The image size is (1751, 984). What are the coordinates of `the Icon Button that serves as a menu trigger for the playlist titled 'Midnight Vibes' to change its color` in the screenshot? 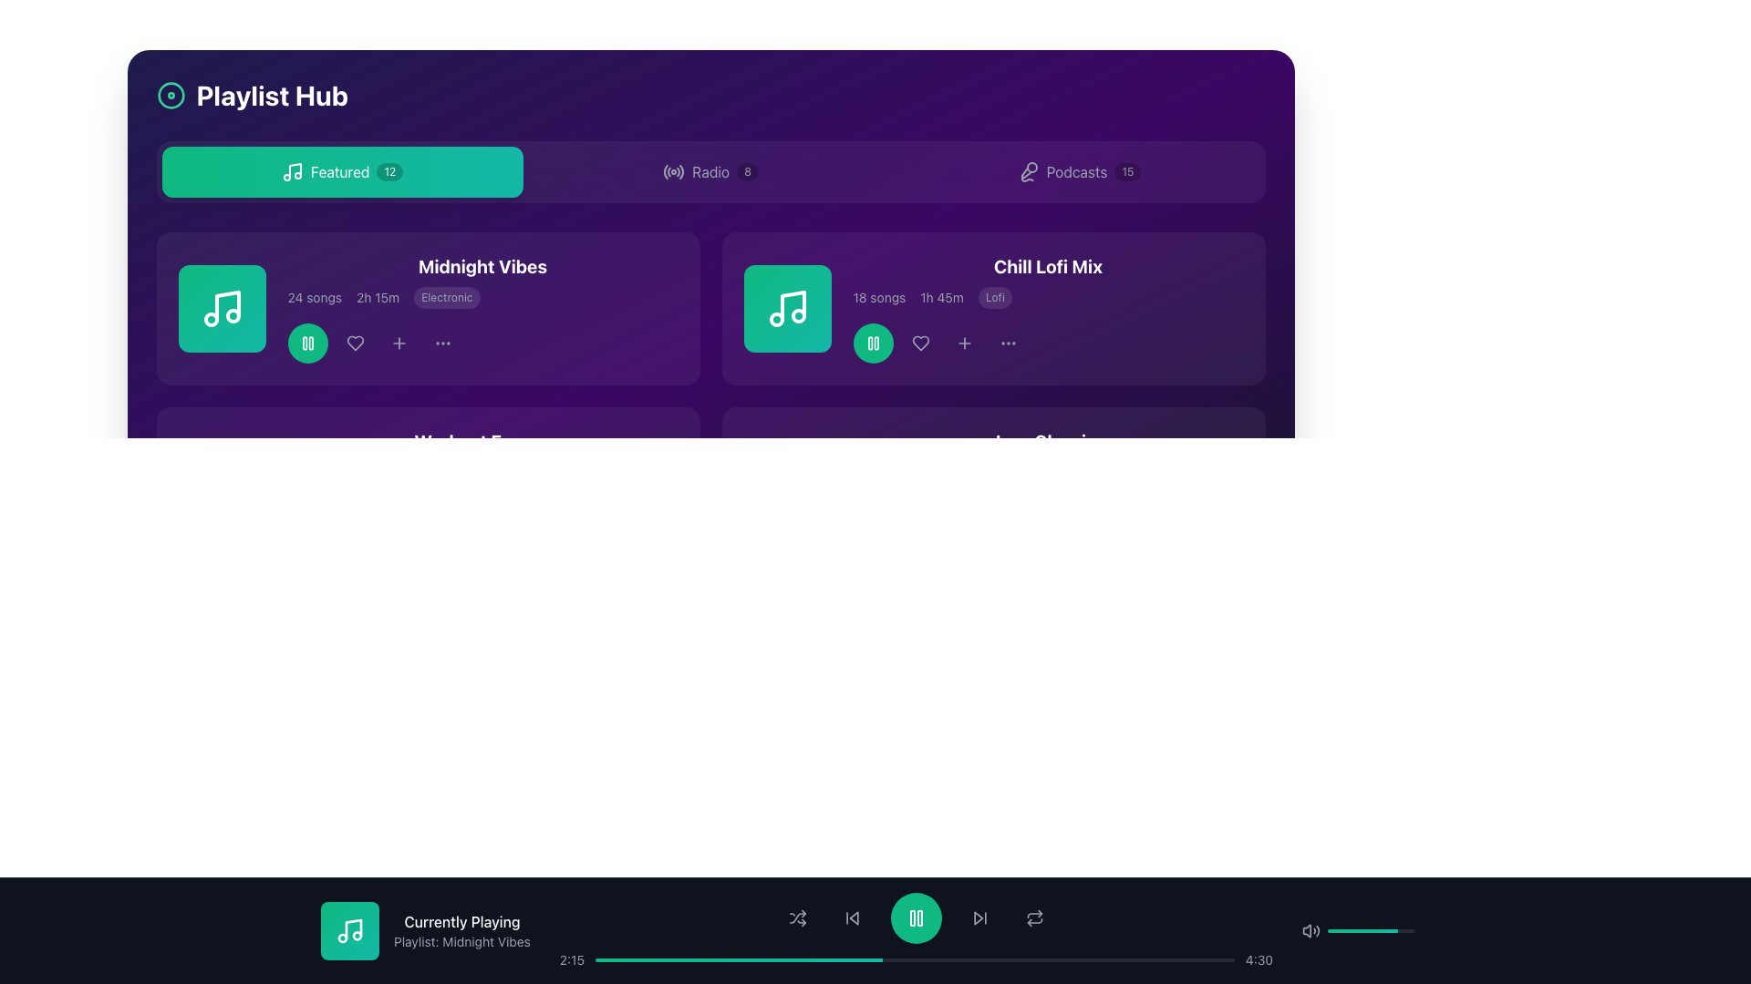 It's located at (442, 343).